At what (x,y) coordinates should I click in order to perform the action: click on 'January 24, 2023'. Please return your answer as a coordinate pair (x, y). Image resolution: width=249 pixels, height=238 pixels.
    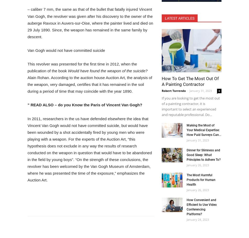
    Looking at the image, I should click on (197, 219).